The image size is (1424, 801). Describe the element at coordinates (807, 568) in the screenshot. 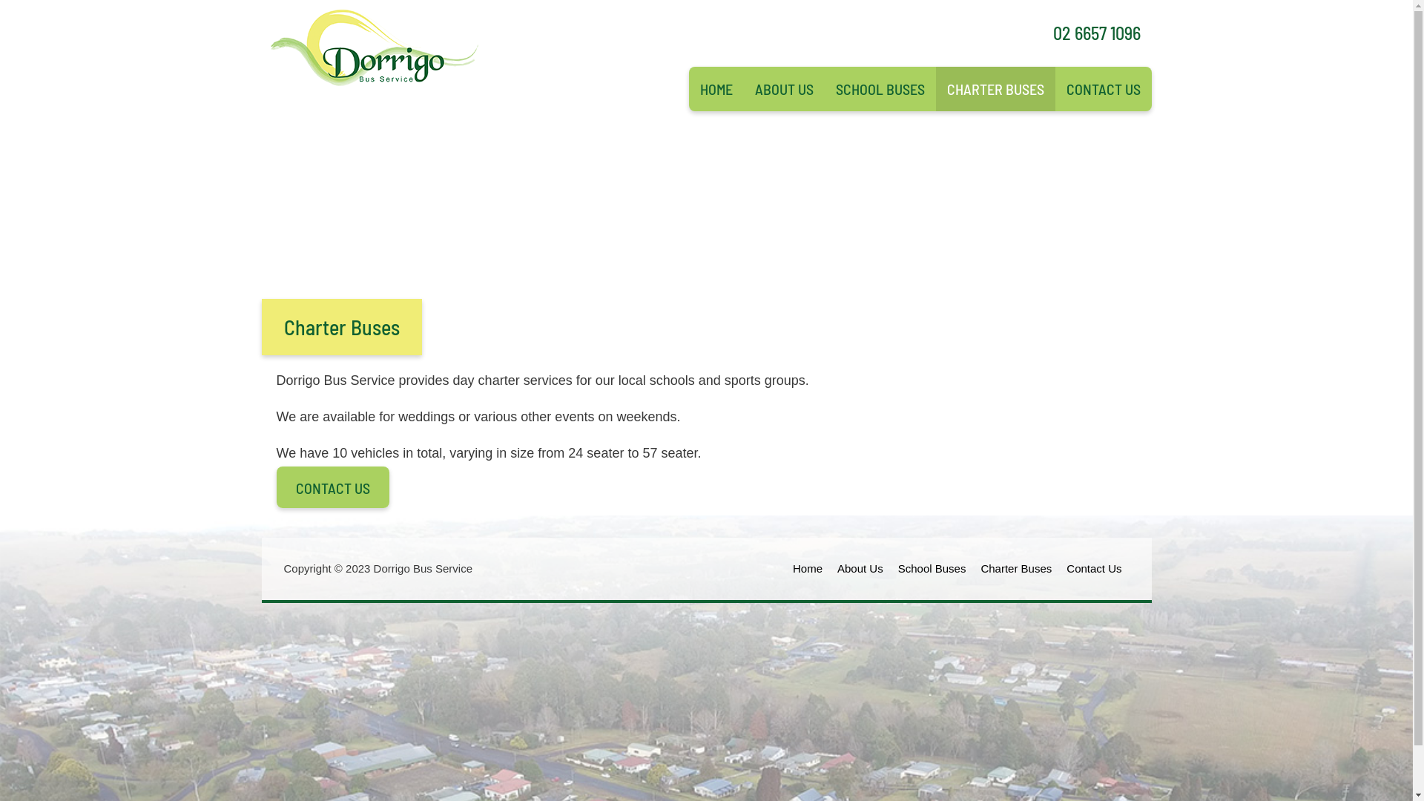

I see `'Home'` at that location.